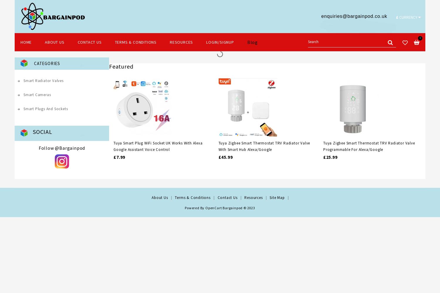 The height and width of the screenshot is (293, 440). Describe the element at coordinates (420, 38) in the screenshot. I see `'0'` at that location.